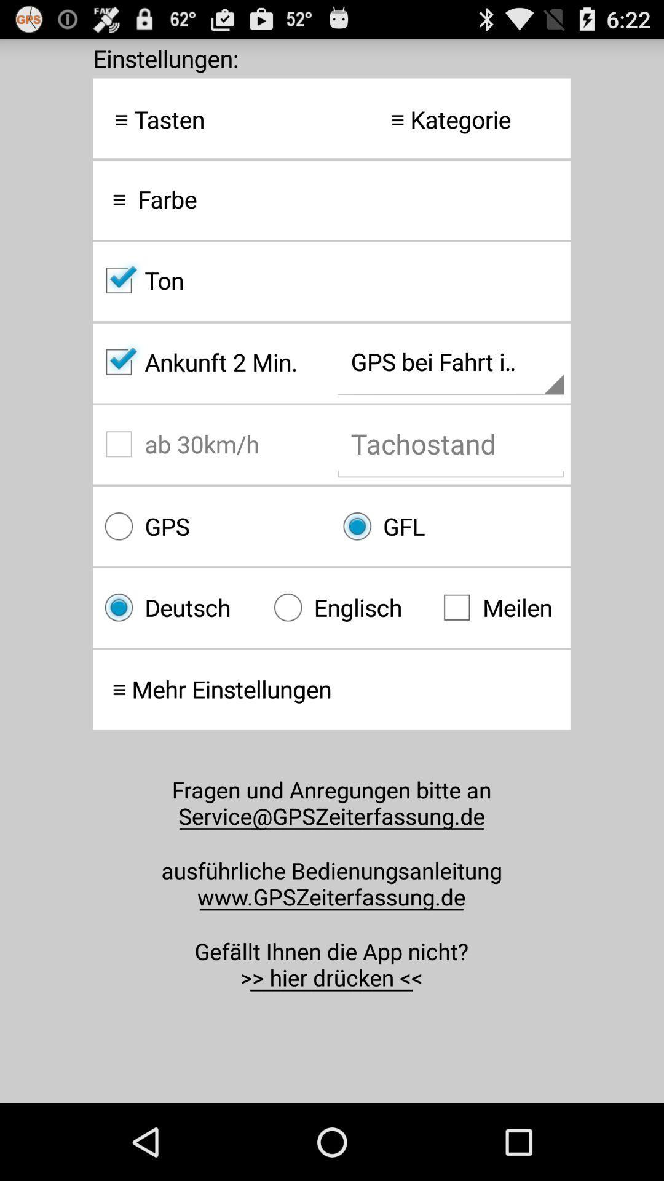 The width and height of the screenshot is (664, 1181). What do you see at coordinates (211, 443) in the screenshot?
I see `the icon above gps radio button` at bounding box center [211, 443].